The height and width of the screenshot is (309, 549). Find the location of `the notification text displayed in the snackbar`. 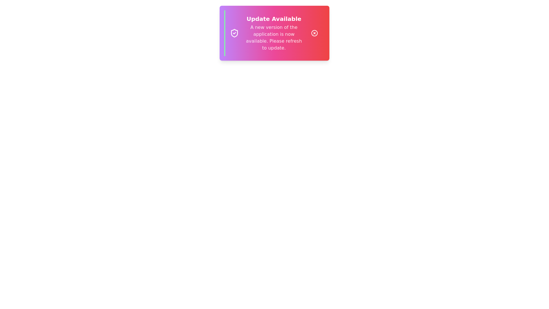

the notification text displayed in the snackbar is located at coordinates (274, 33).